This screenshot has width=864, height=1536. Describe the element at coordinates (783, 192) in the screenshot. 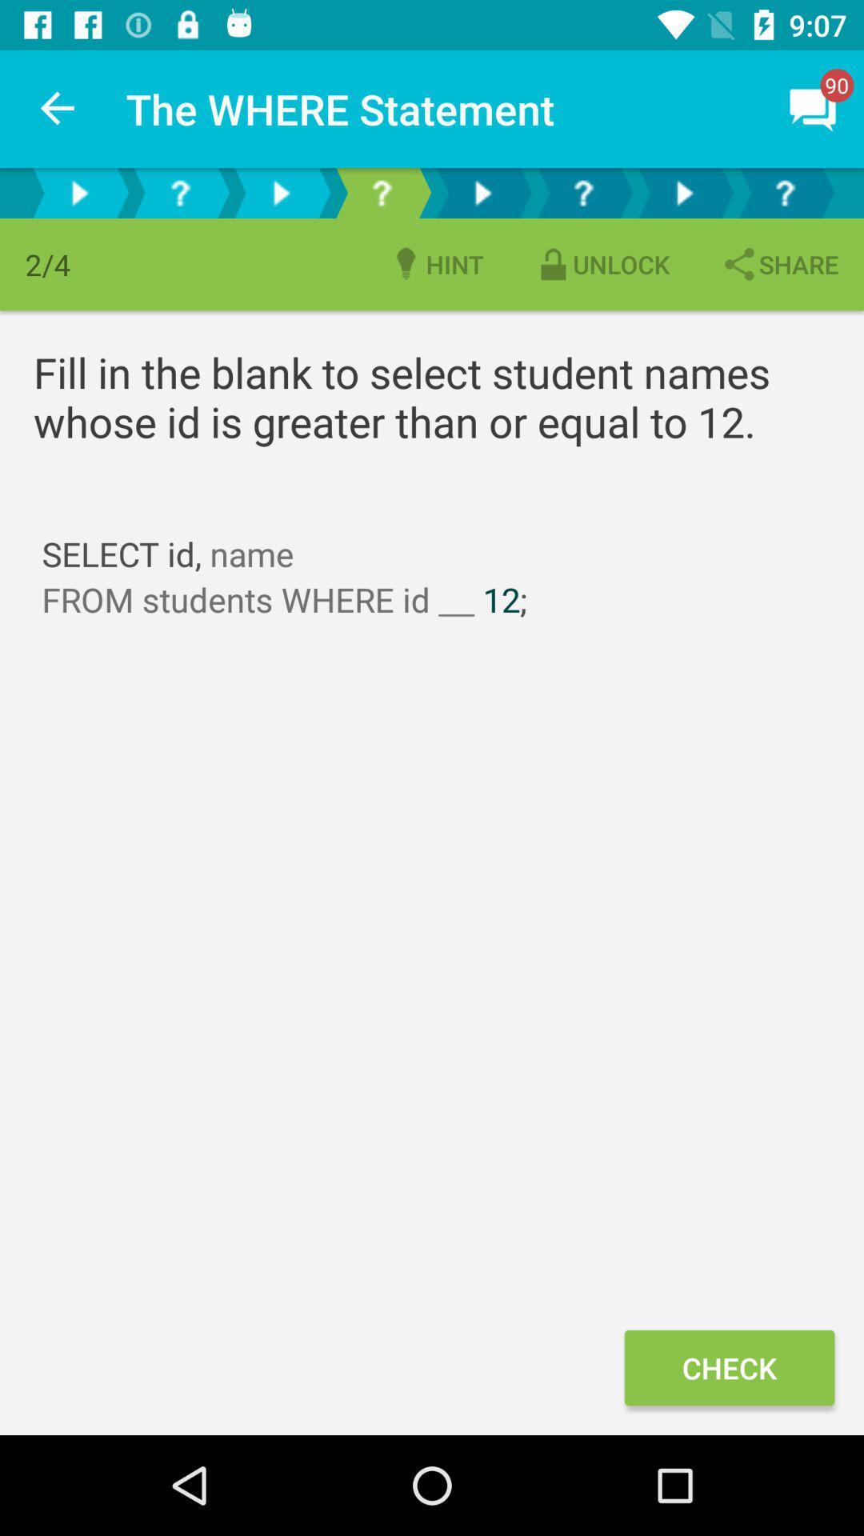

I see `the help icon` at that location.